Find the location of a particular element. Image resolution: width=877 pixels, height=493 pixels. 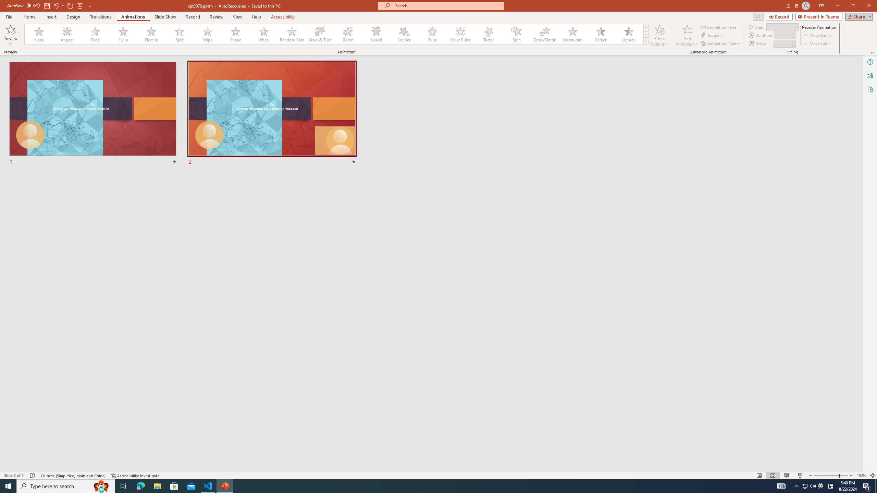

'Spin' is located at coordinates (516, 34).